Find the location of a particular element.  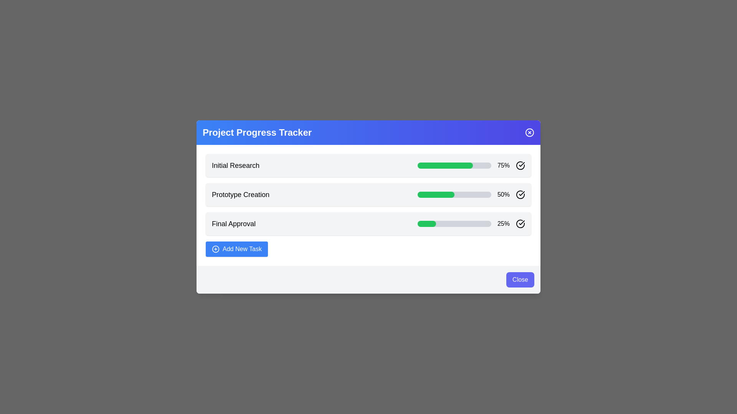

the 'Add New Task' button located at the bottom-left of the project progress tracker card is located at coordinates (241, 249).